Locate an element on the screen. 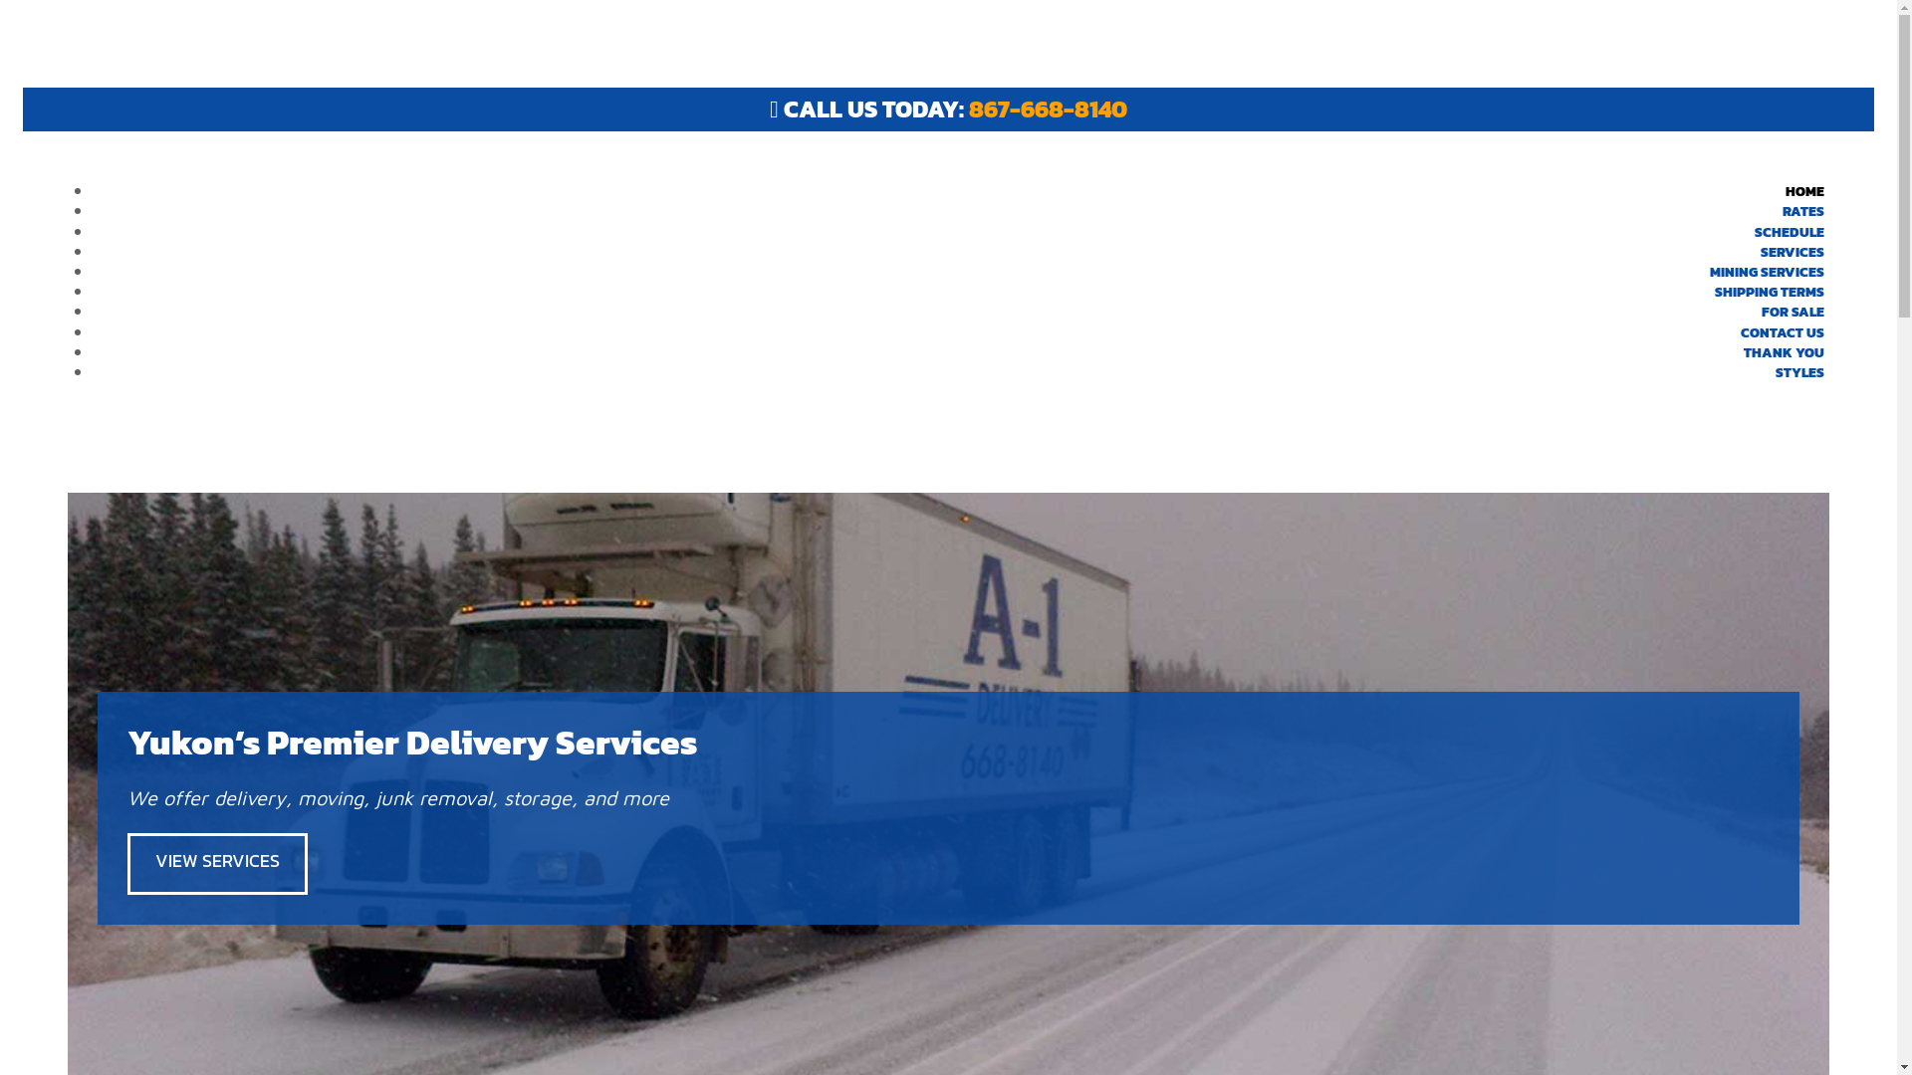 Image resolution: width=1912 pixels, height=1075 pixels. 'VIEW SERVICES' is located at coordinates (126, 862).